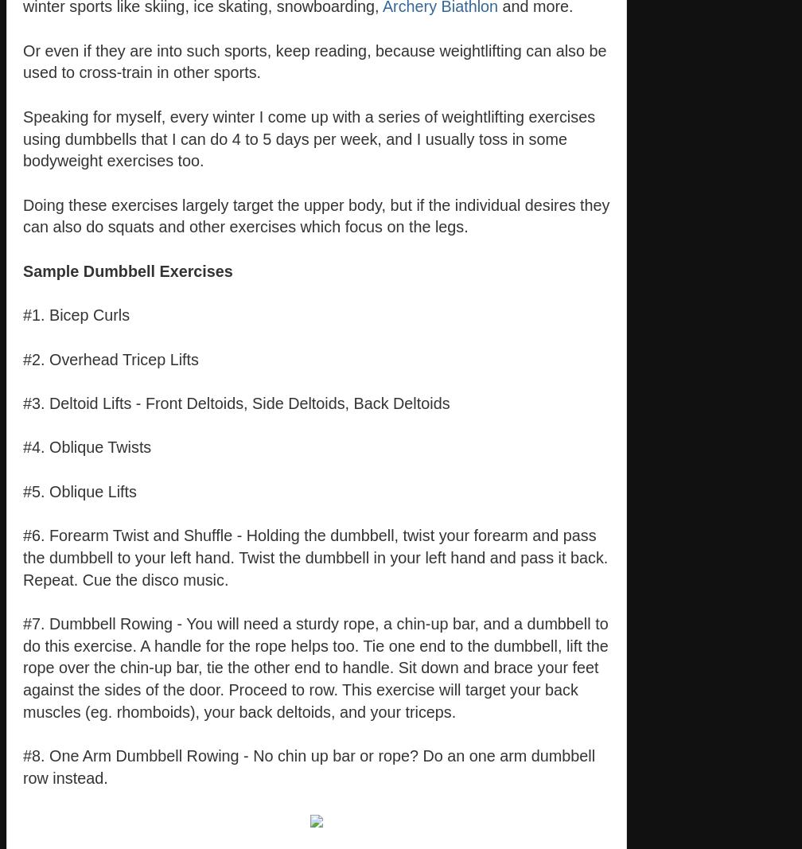 The height and width of the screenshot is (849, 802). Describe the element at coordinates (87, 446) in the screenshot. I see `'#4. Oblique Twists'` at that location.